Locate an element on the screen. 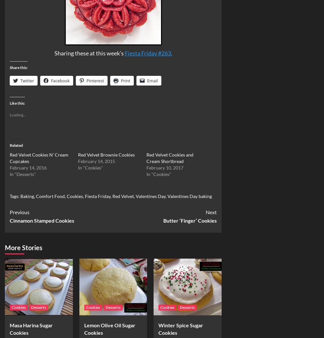  'Facebook' is located at coordinates (60, 80).